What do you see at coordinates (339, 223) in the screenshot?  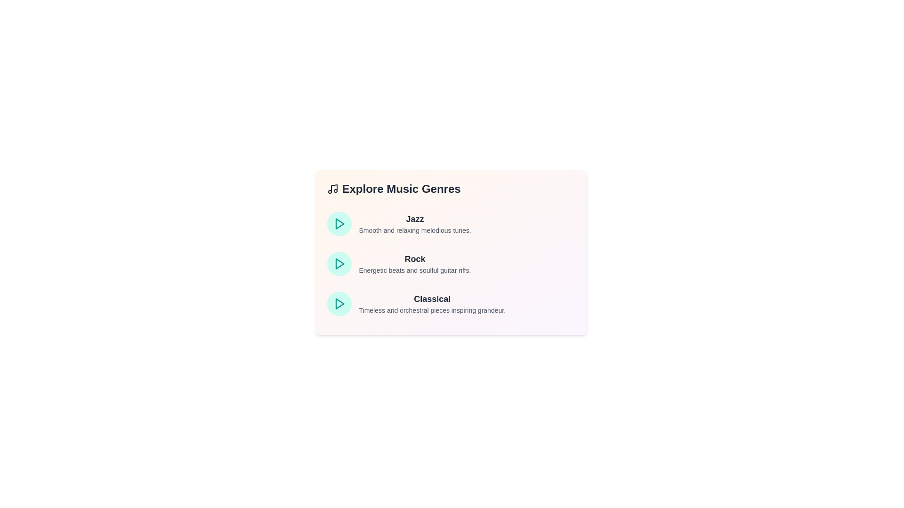 I see `the play icon corresponding to the genre Jazz` at bounding box center [339, 223].